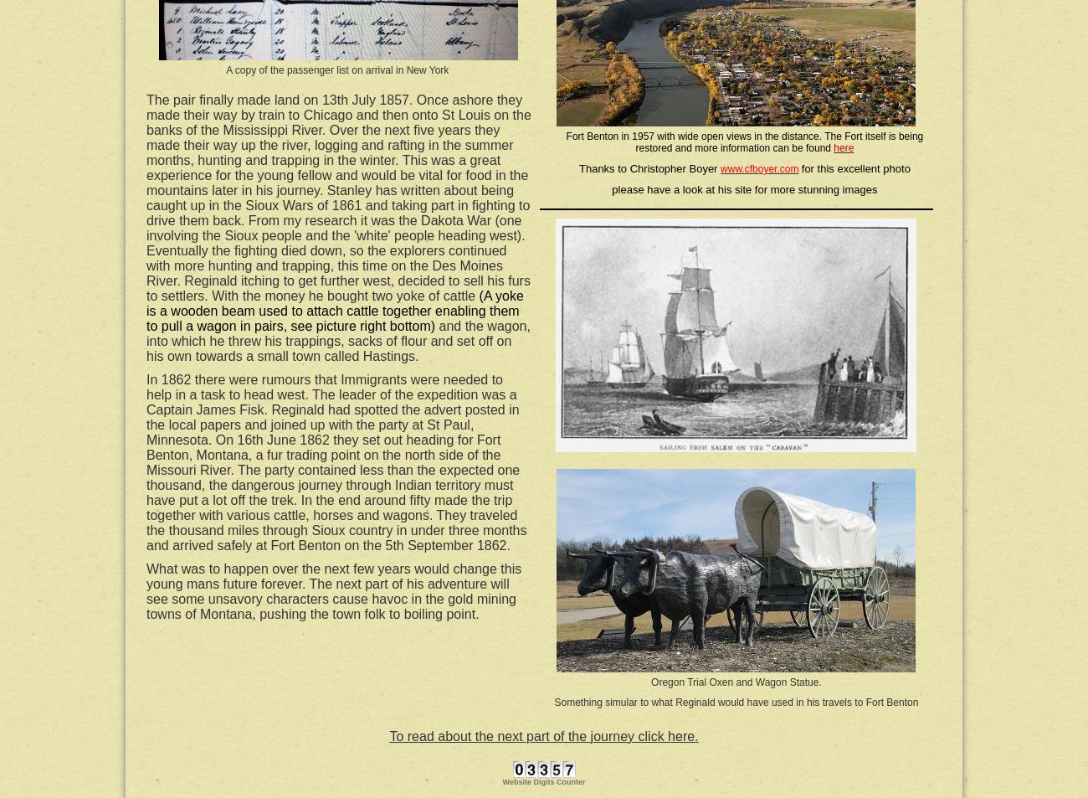  What do you see at coordinates (543, 735) in the screenshot?
I see `'To read about the next part of the journey click here.'` at bounding box center [543, 735].